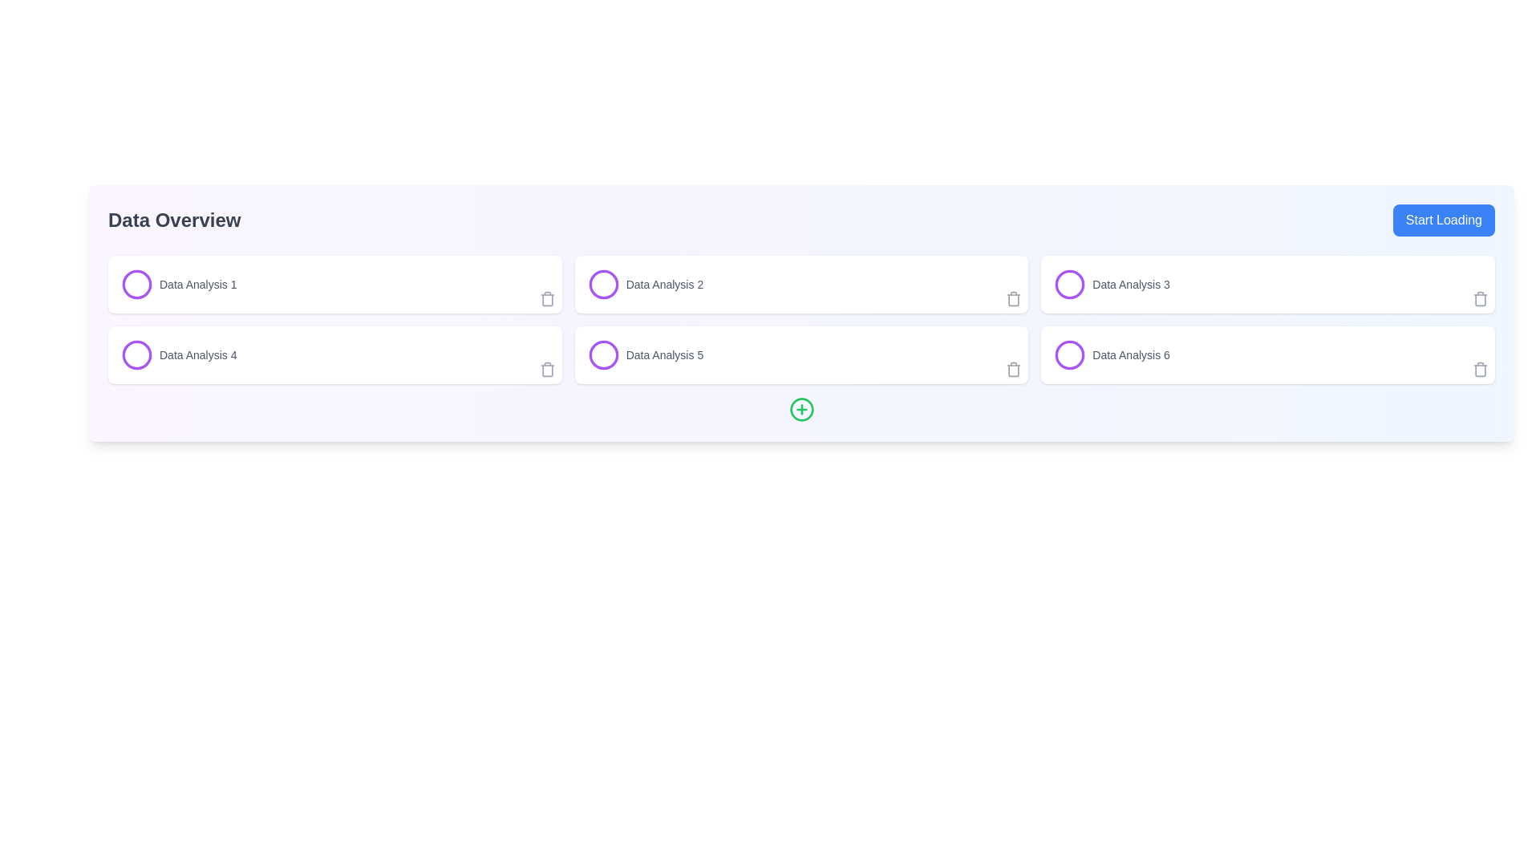 The width and height of the screenshot is (1540, 866). Describe the element at coordinates (1070, 354) in the screenshot. I see `the SVG circle element located in the bottom-right position of the grid, adjacent to the text label 'Data Analysis 6', to emphasize it` at that location.